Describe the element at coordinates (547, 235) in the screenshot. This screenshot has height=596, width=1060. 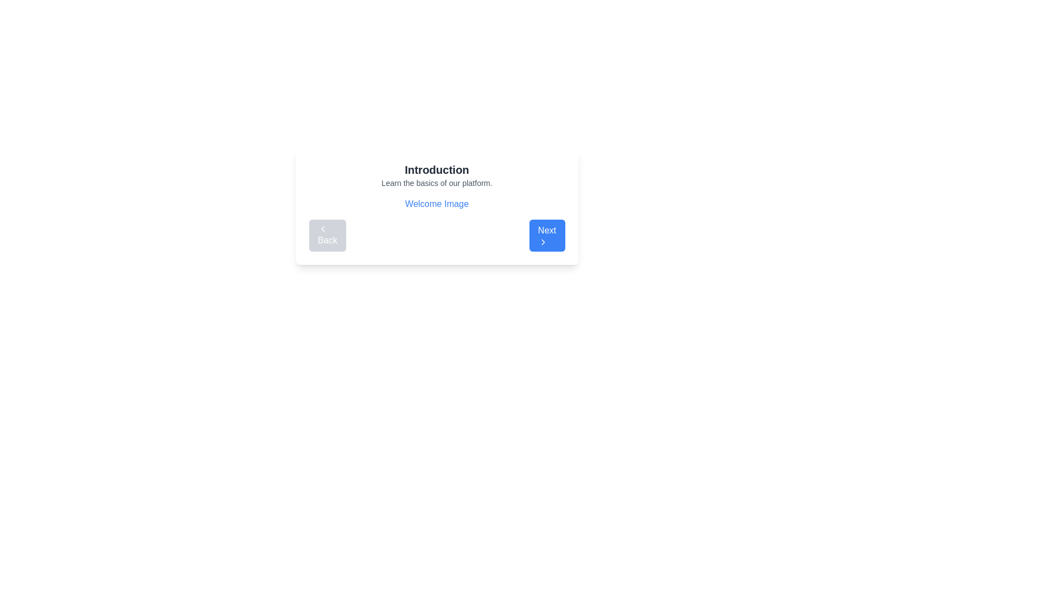
I see `the navigation button located to the right of the 'Back' button` at that location.